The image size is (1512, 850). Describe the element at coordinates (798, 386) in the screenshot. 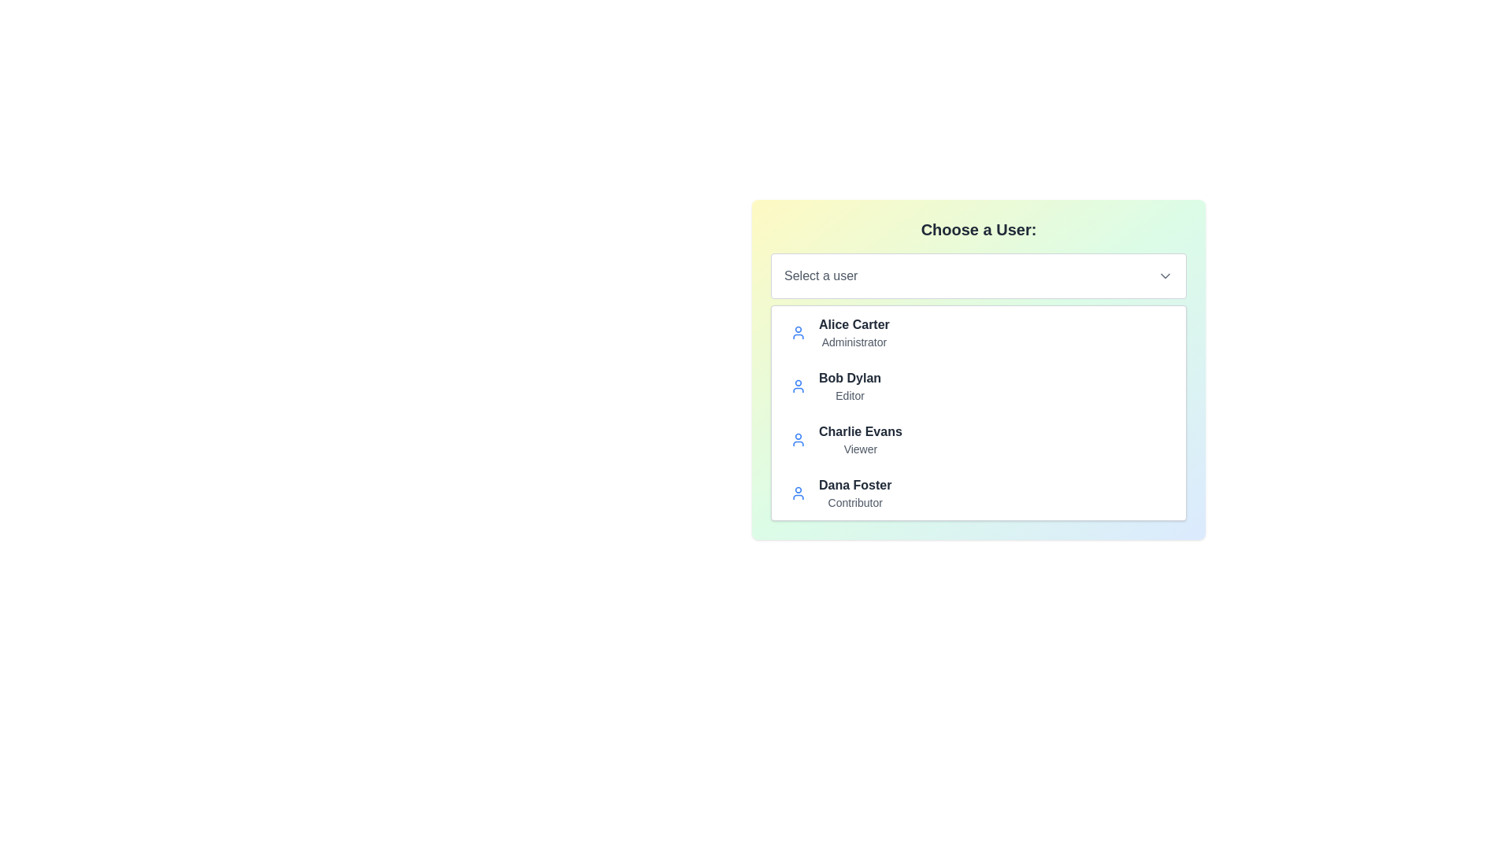

I see `the user silhouette icon styled in blue that is located to the left of the name 'Bob Dylan' in the user selection menu` at that location.